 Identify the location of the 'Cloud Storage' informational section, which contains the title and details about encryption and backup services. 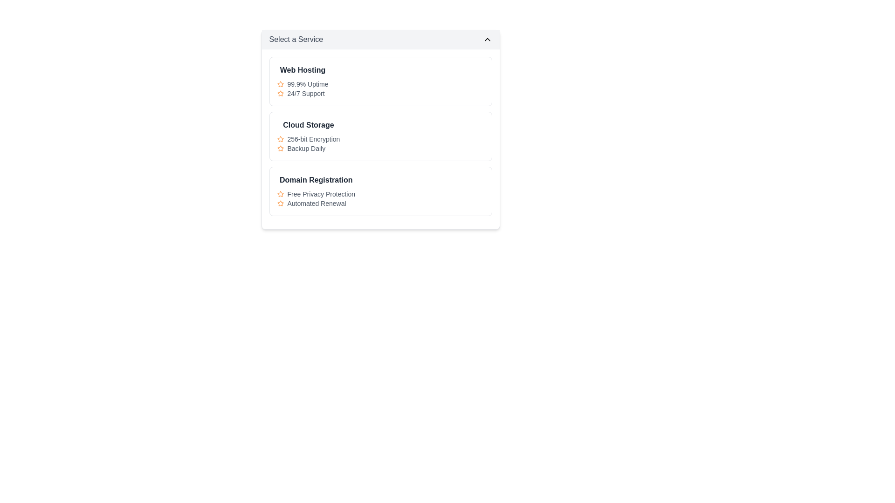
(309, 136).